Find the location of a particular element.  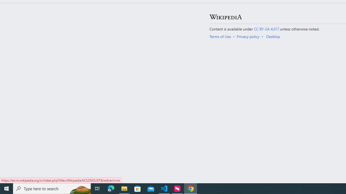

'AutomationID: footer-places-privacy' is located at coordinates (249, 36).